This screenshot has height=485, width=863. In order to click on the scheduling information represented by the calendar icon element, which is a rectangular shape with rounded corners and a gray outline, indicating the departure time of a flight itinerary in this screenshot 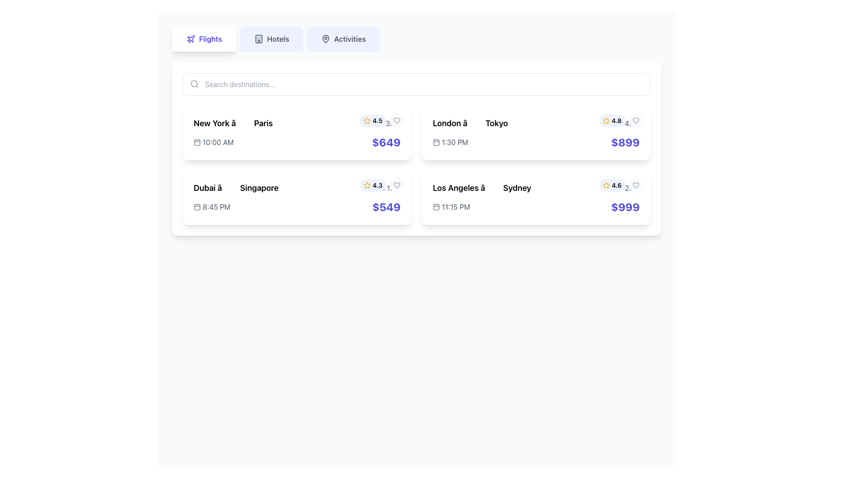, I will do `click(436, 141)`.